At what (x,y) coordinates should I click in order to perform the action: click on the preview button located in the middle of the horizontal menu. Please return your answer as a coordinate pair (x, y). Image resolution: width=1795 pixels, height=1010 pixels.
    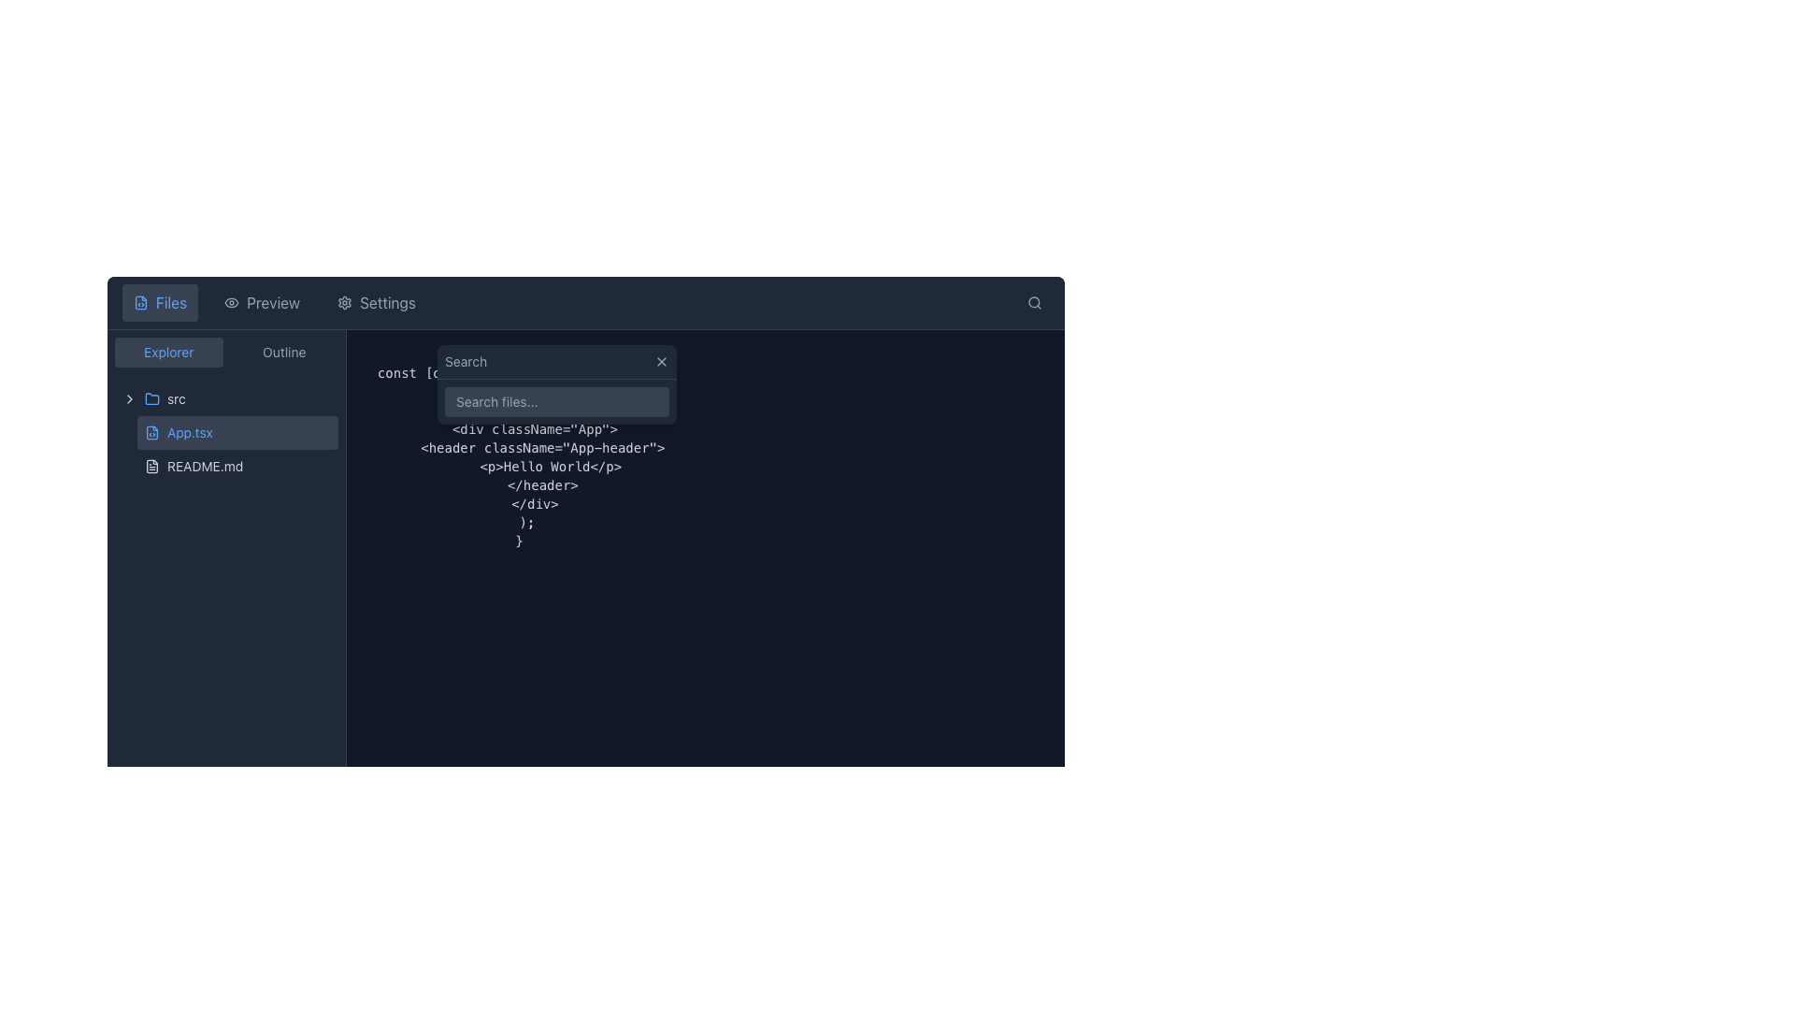
    Looking at the image, I should click on (261, 302).